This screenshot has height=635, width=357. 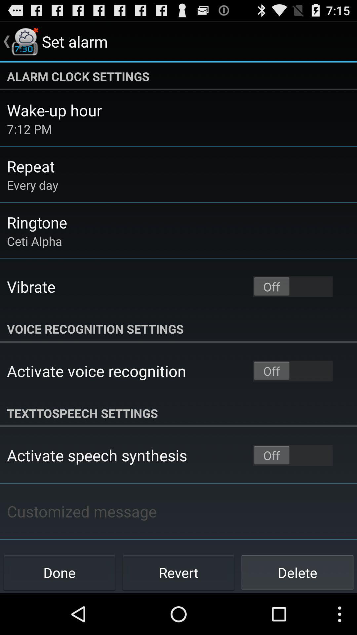 What do you see at coordinates (54, 110) in the screenshot?
I see `the wake-up hour item` at bounding box center [54, 110].